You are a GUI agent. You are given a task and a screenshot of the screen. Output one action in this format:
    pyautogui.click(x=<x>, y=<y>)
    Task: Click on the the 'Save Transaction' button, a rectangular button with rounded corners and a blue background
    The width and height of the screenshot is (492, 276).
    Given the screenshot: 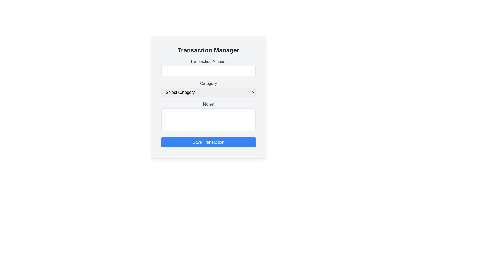 What is the action you would take?
    pyautogui.click(x=208, y=142)
    